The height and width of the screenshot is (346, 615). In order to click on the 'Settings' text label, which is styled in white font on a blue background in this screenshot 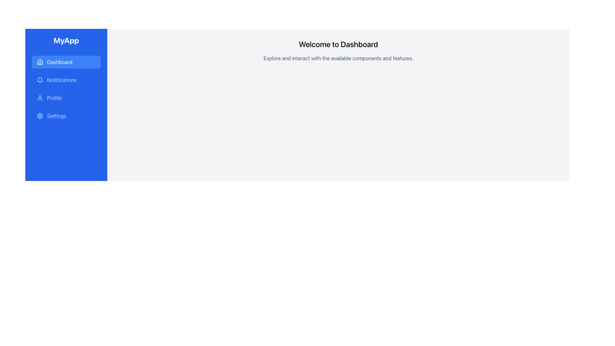, I will do `click(57, 116)`.